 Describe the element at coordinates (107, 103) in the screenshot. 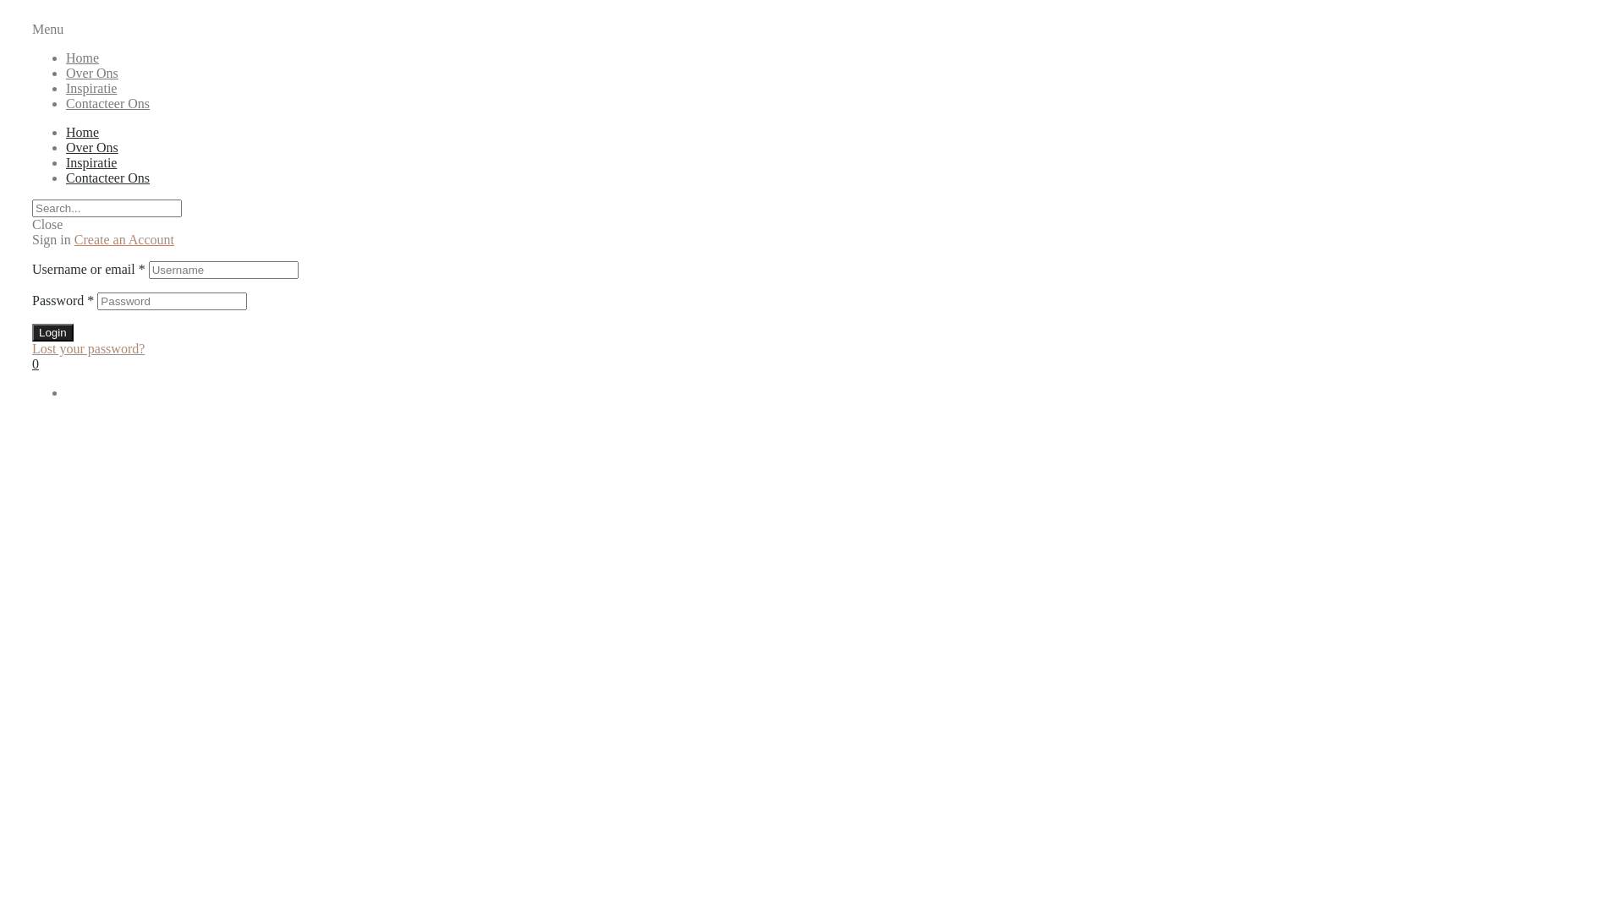

I see `'Contacteer Ons'` at that location.